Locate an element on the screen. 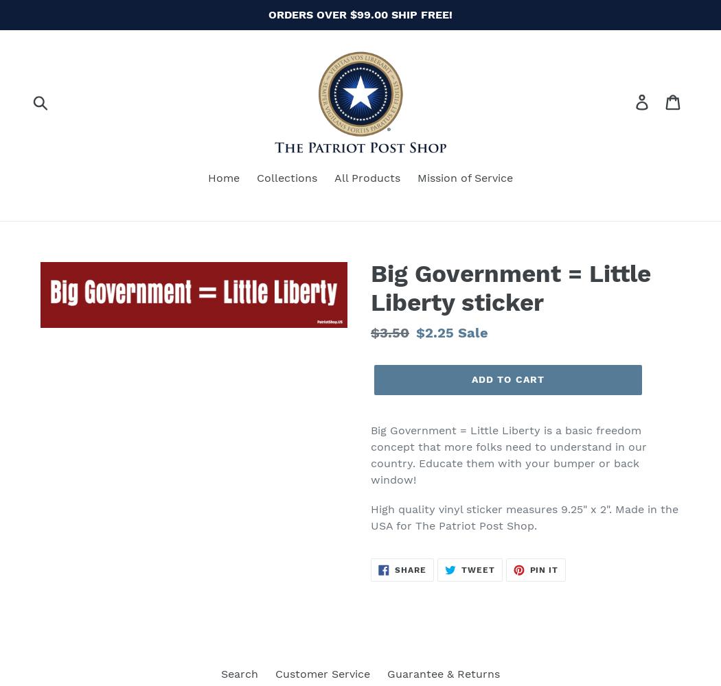  'Big Government = Little Liberty sticker' is located at coordinates (510, 287).